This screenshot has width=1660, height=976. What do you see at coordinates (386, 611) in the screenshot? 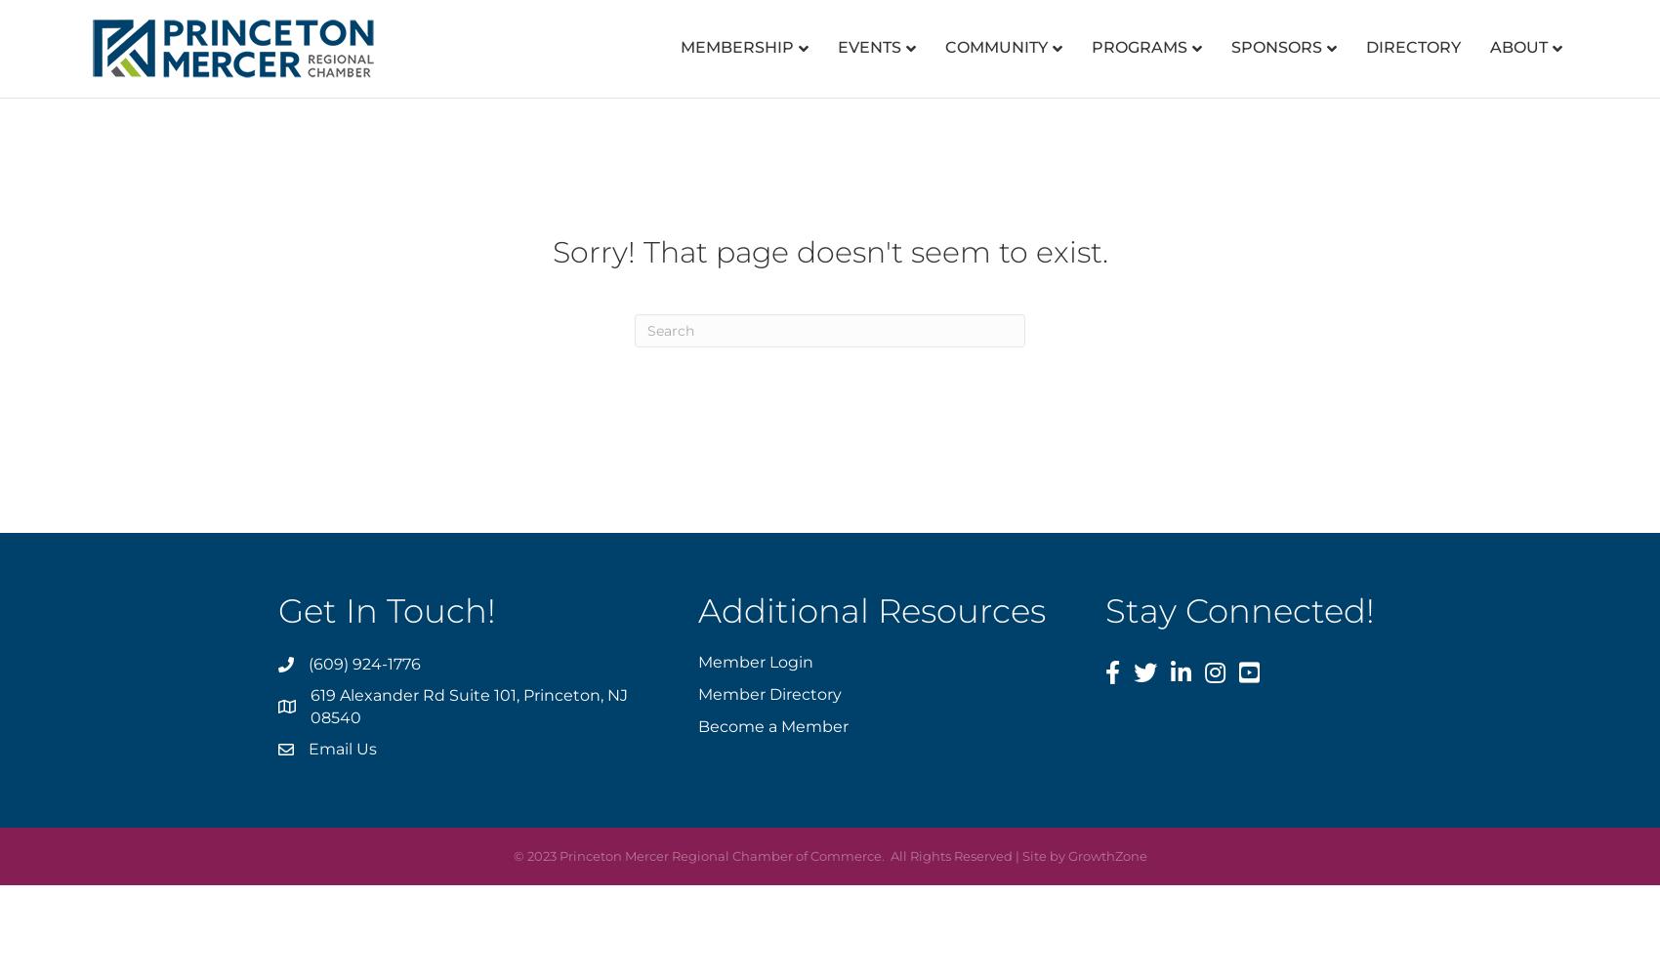
I see `'Get In Touch!'` at bounding box center [386, 611].